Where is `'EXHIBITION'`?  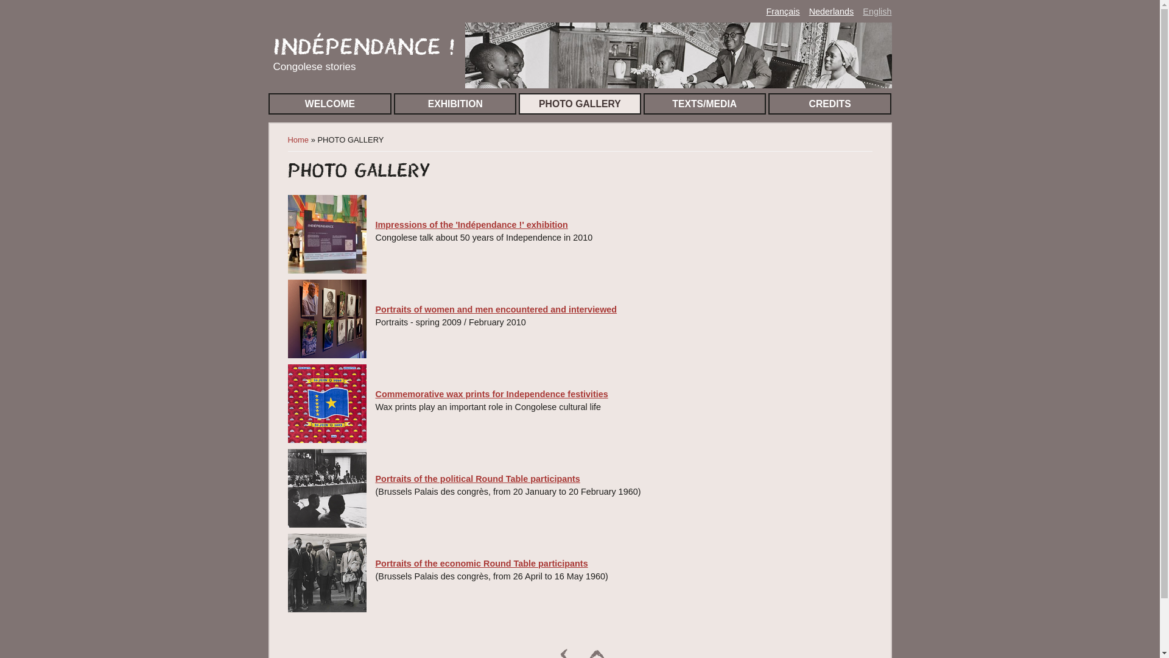
'EXHIBITION' is located at coordinates (454, 103).